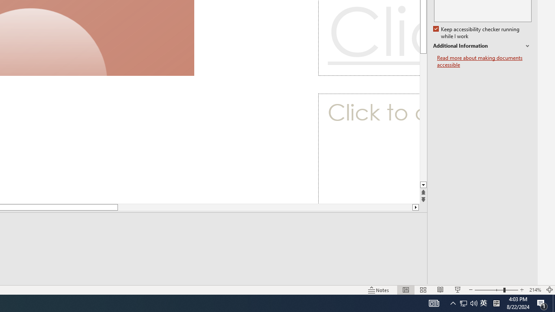 The image size is (555, 312). Describe the element at coordinates (484, 61) in the screenshot. I see `'Read more about making documents accessible'` at that location.